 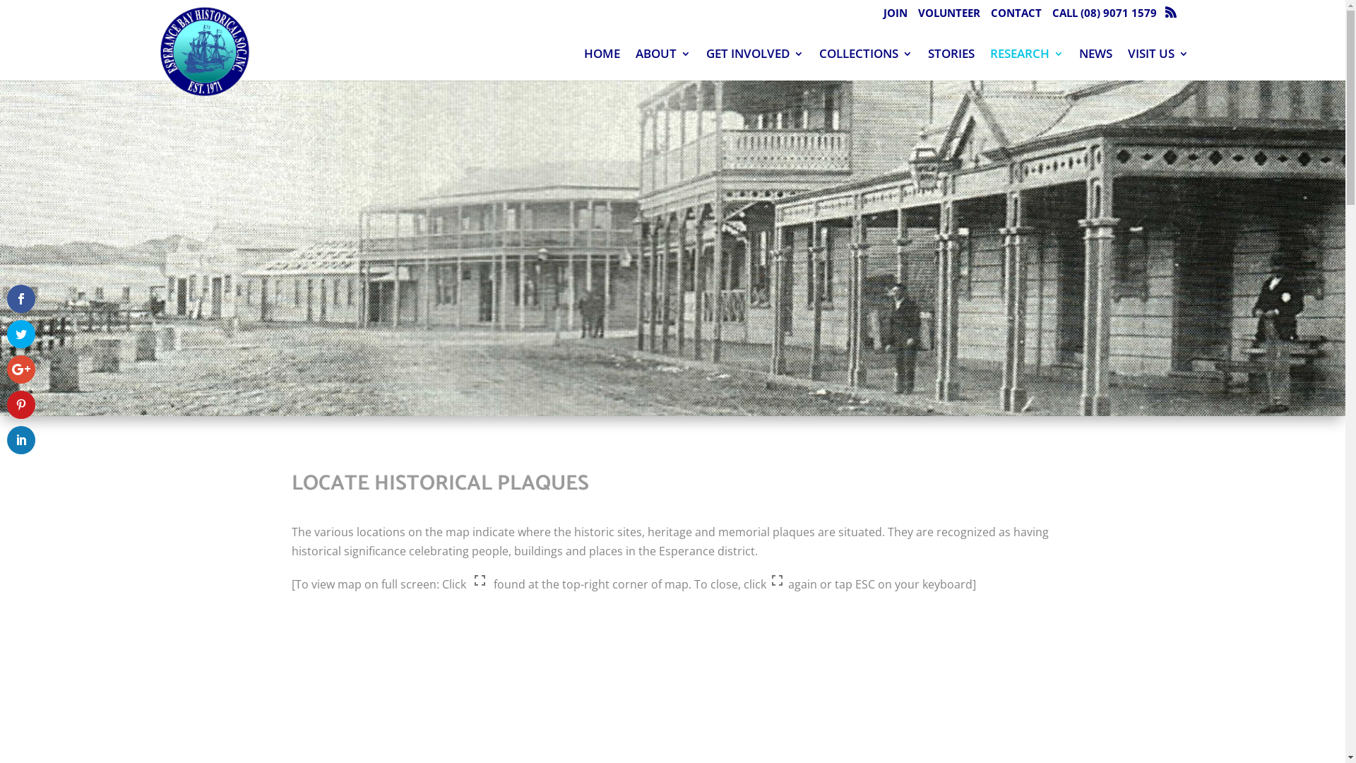 What do you see at coordinates (706, 64) in the screenshot?
I see `'GET INVOLVED'` at bounding box center [706, 64].